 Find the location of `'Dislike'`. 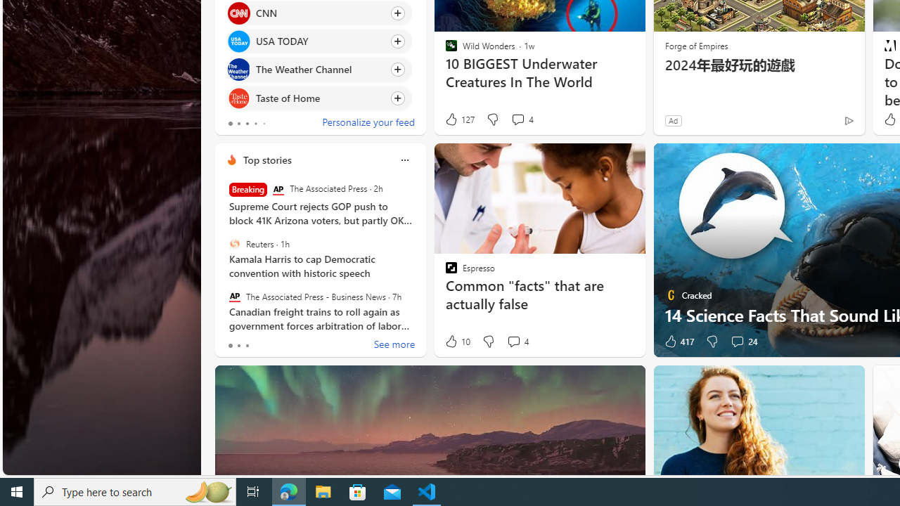

'Dislike' is located at coordinates (712, 342).